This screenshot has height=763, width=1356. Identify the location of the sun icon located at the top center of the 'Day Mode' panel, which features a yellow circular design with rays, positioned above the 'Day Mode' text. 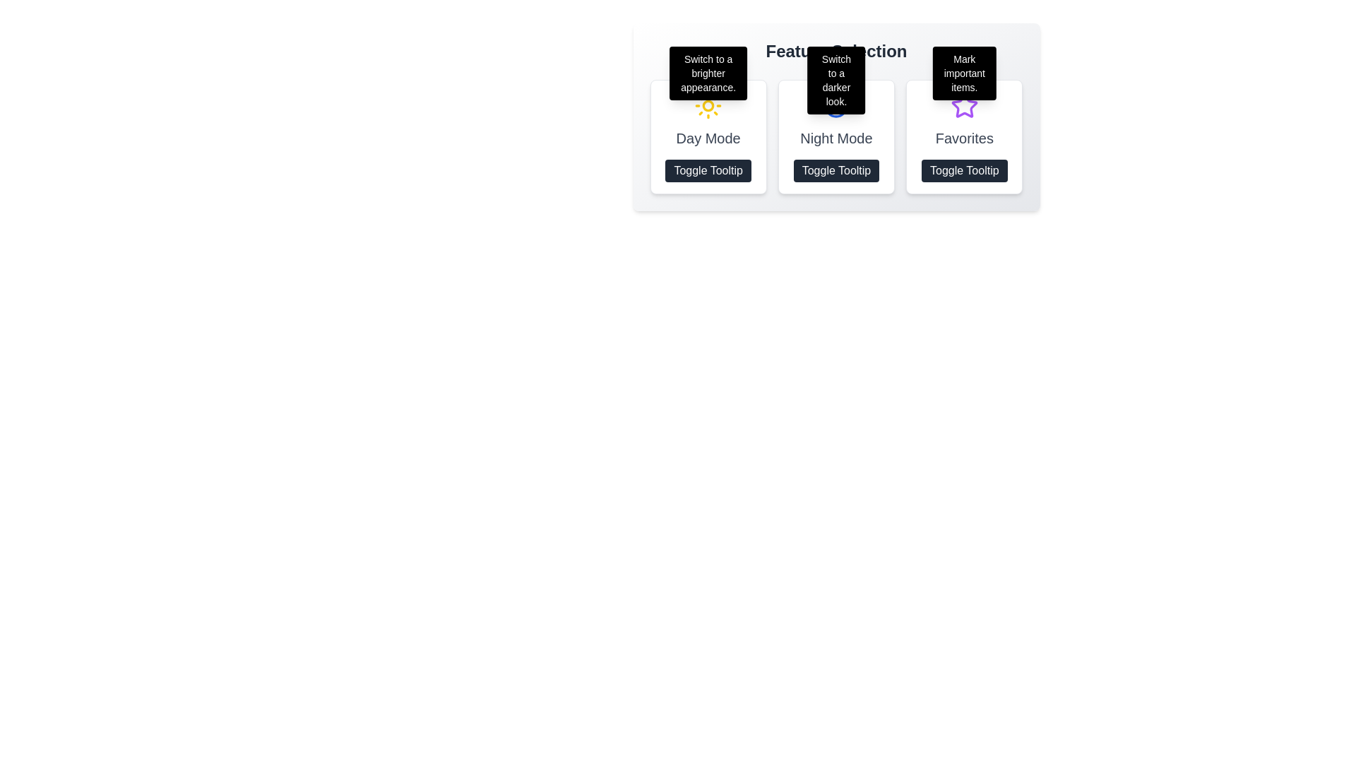
(708, 105).